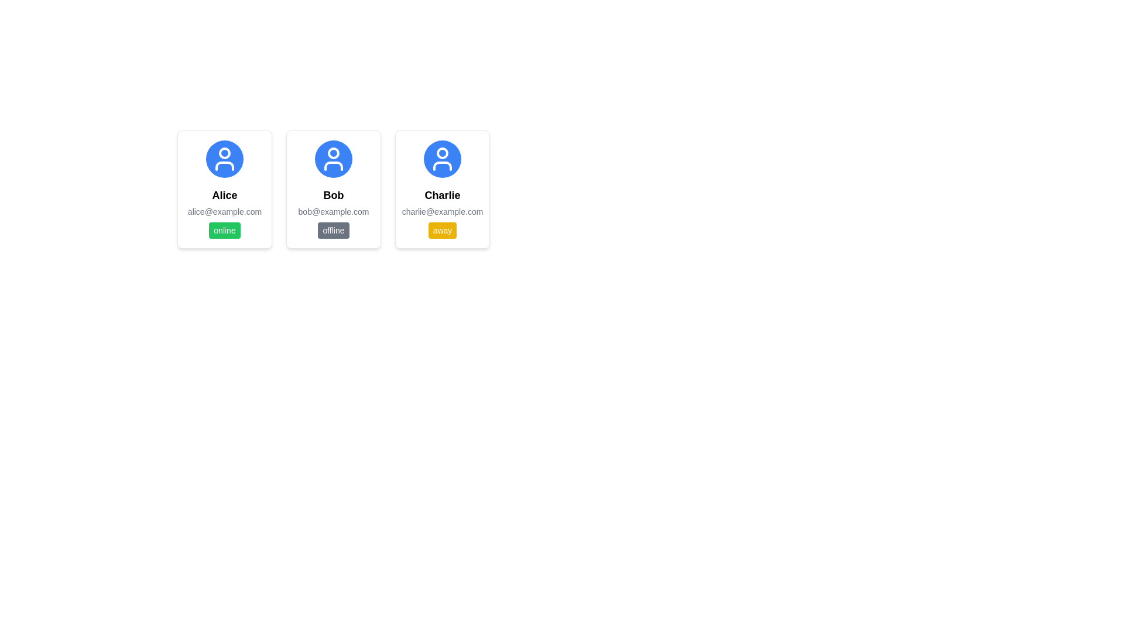 Image resolution: width=1124 pixels, height=632 pixels. Describe the element at coordinates (225, 195) in the screenshot. I see `text label displaying 'Alice', which is styled in a large bold font and located centrally within a user card, beneath the profile icon` at that location.